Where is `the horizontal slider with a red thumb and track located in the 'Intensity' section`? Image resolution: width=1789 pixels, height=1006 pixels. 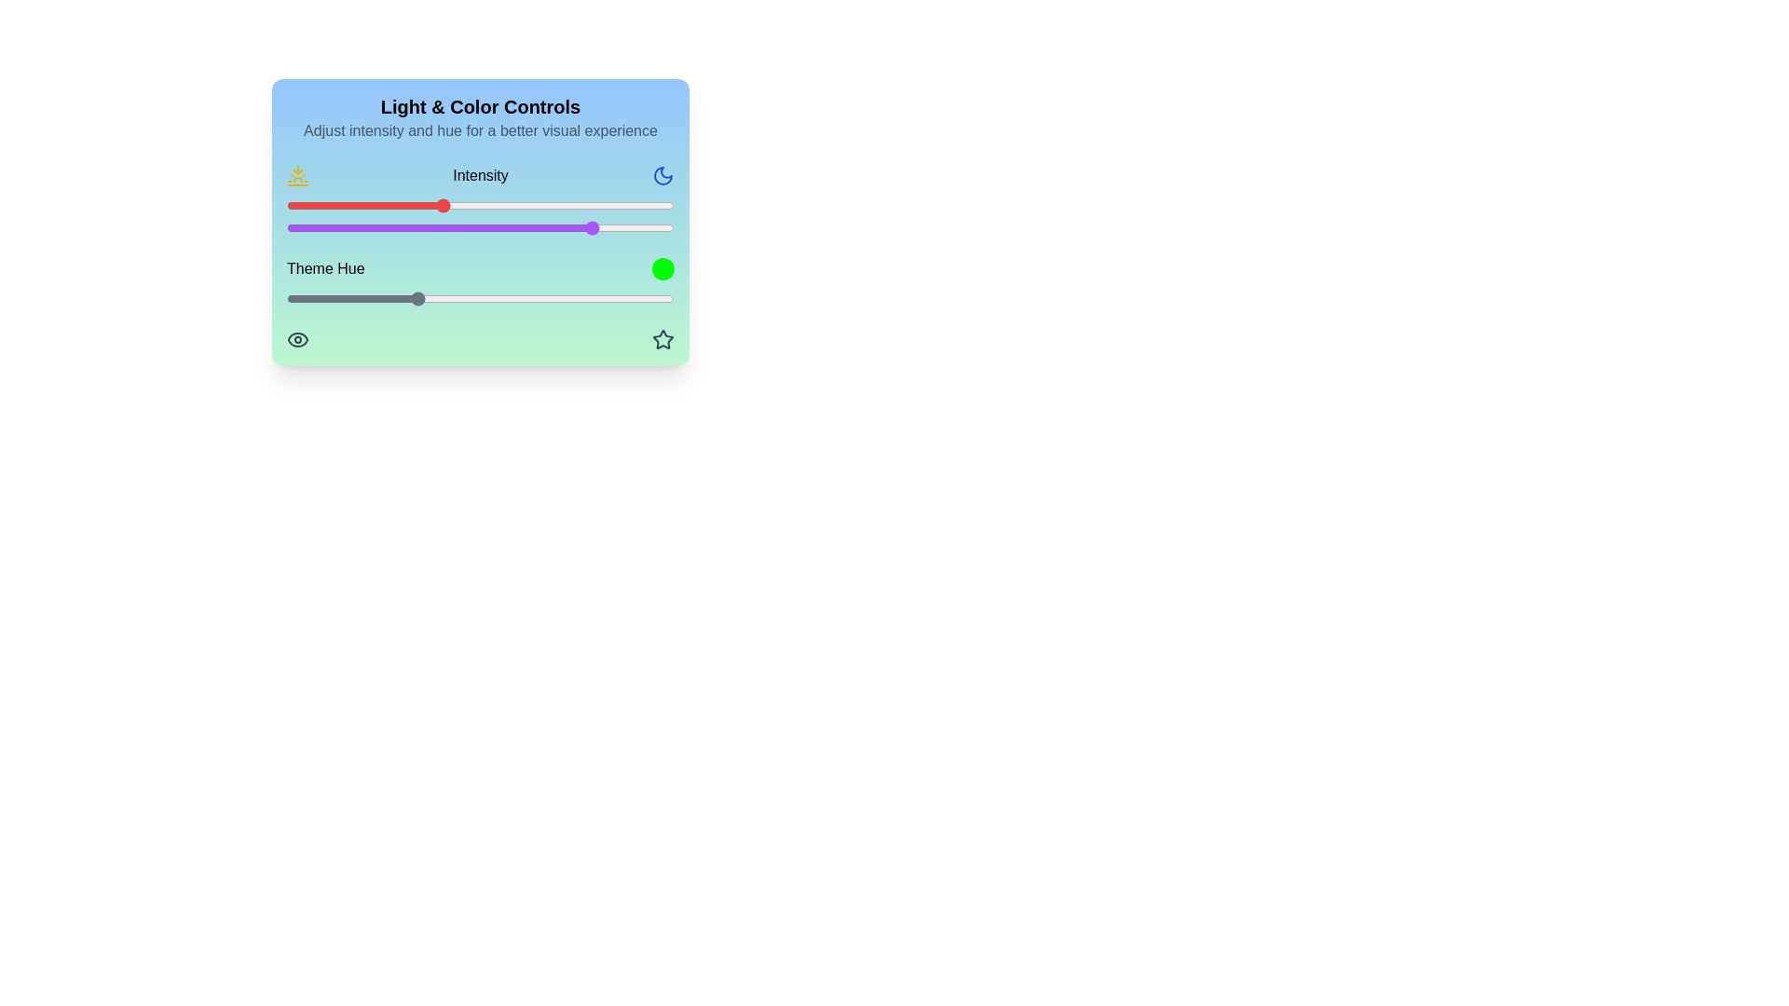
the horizontal slider with a red thumb and track located in the 'Intensity' section is located at coordinates (480, 205).